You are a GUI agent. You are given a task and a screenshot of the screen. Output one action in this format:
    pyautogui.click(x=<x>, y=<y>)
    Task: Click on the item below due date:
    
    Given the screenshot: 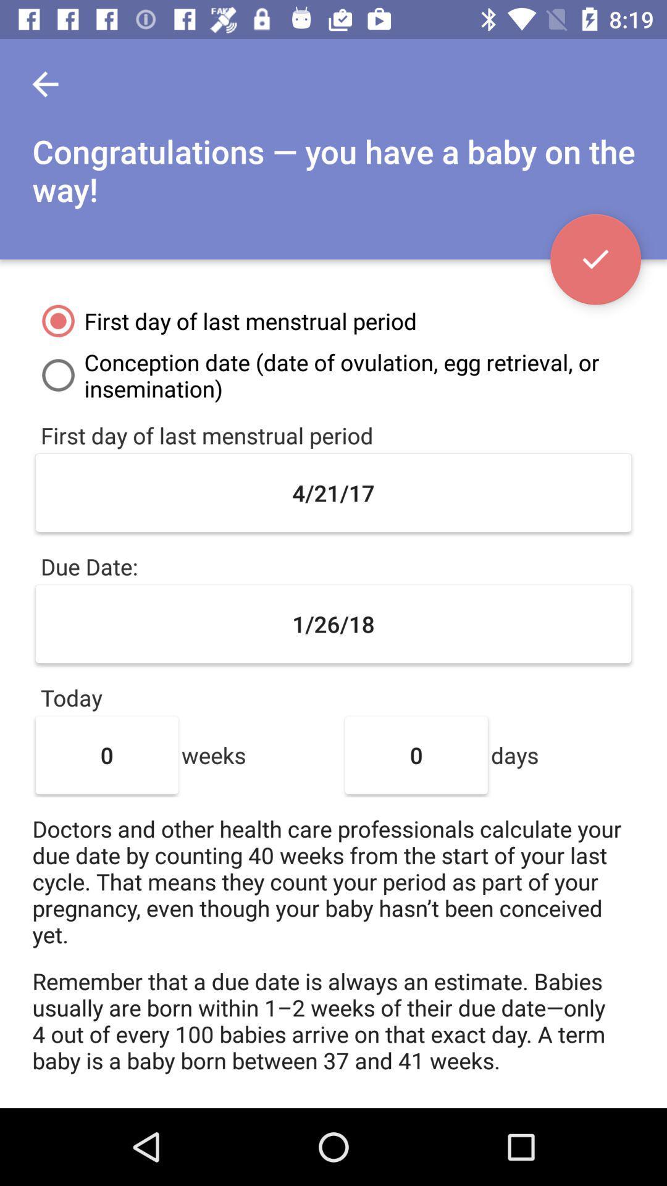 What is the action you would take?
    pyautogui.click(x=333, y=624)
    